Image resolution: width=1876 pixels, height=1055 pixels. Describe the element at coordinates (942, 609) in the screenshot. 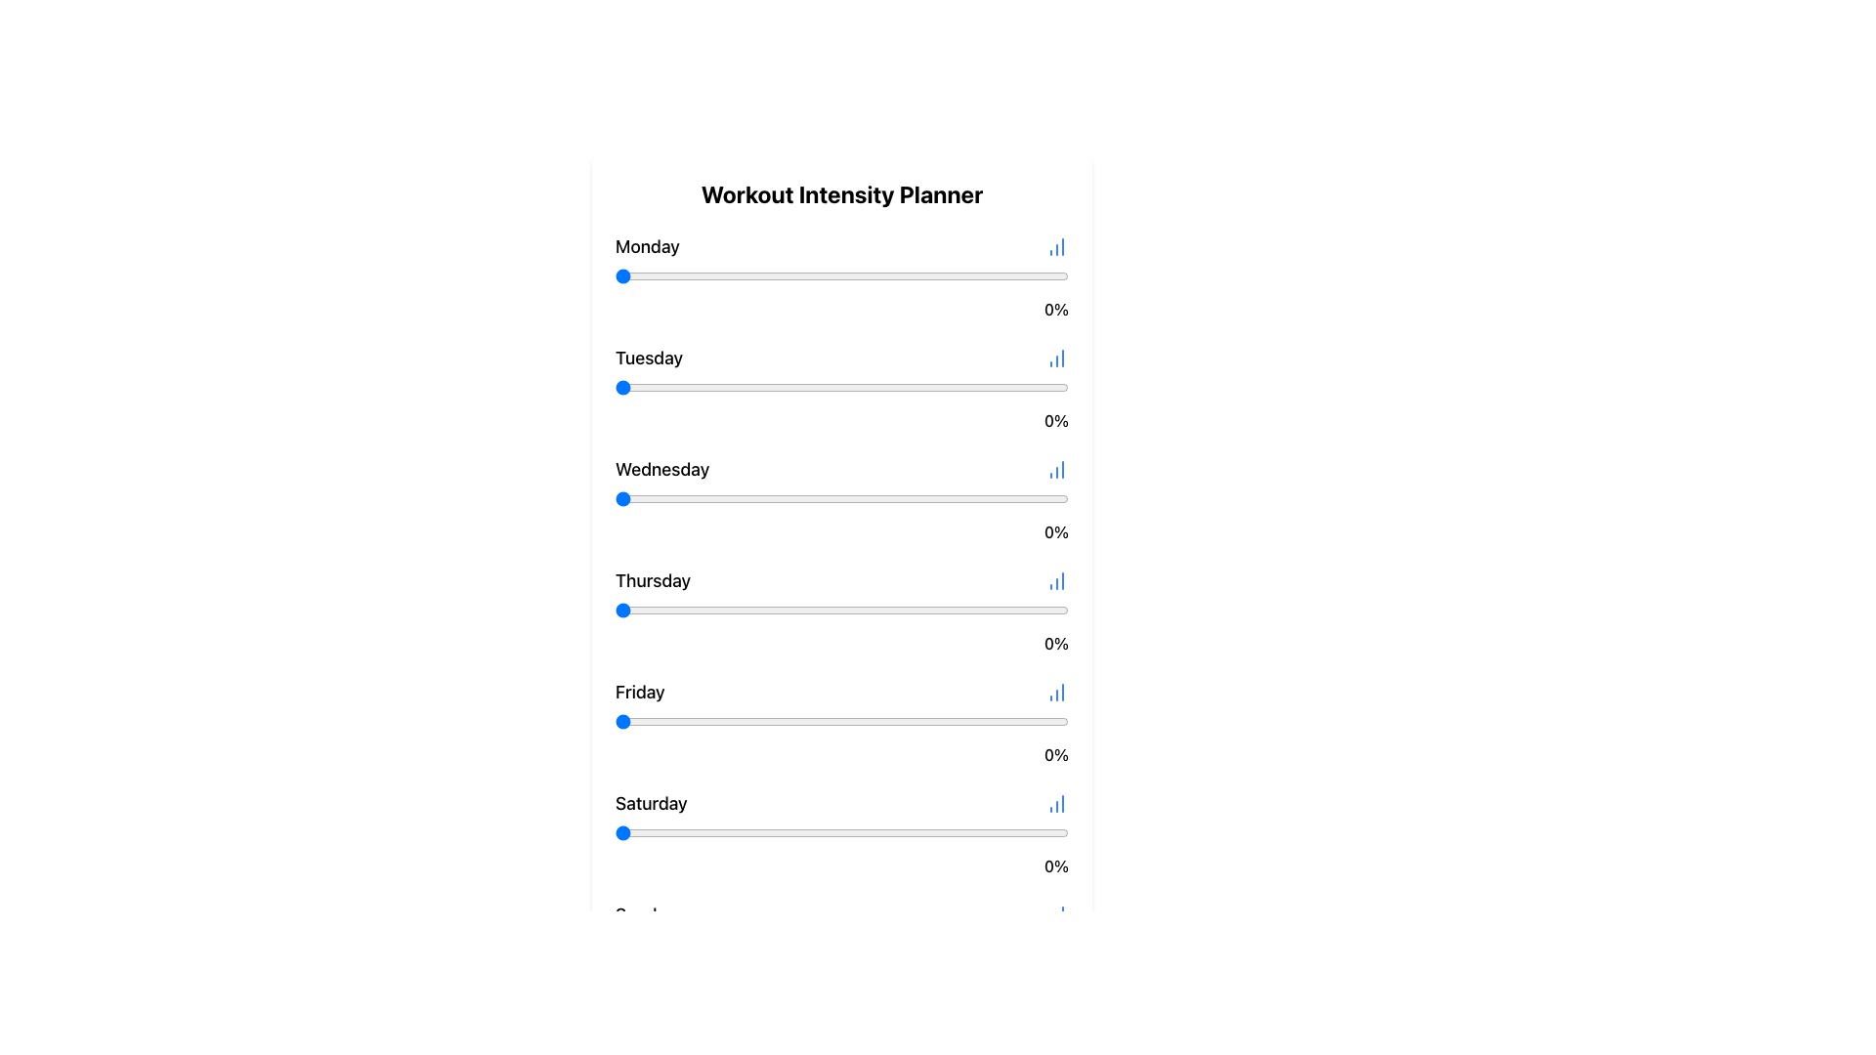

I see `the 'Thursday' slider` at that location.